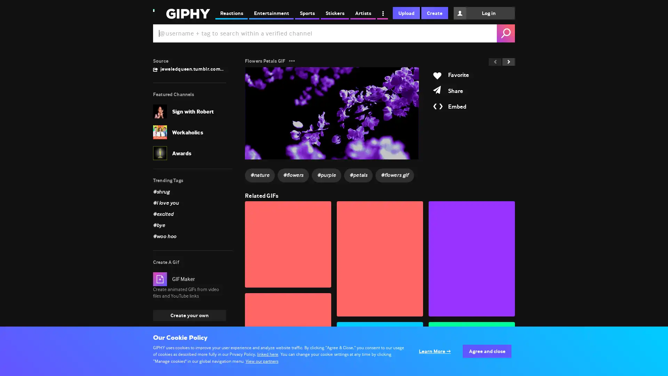 The width and height of the screenshot is (668, 376). I want to click on View our partners, so click(262, 360).